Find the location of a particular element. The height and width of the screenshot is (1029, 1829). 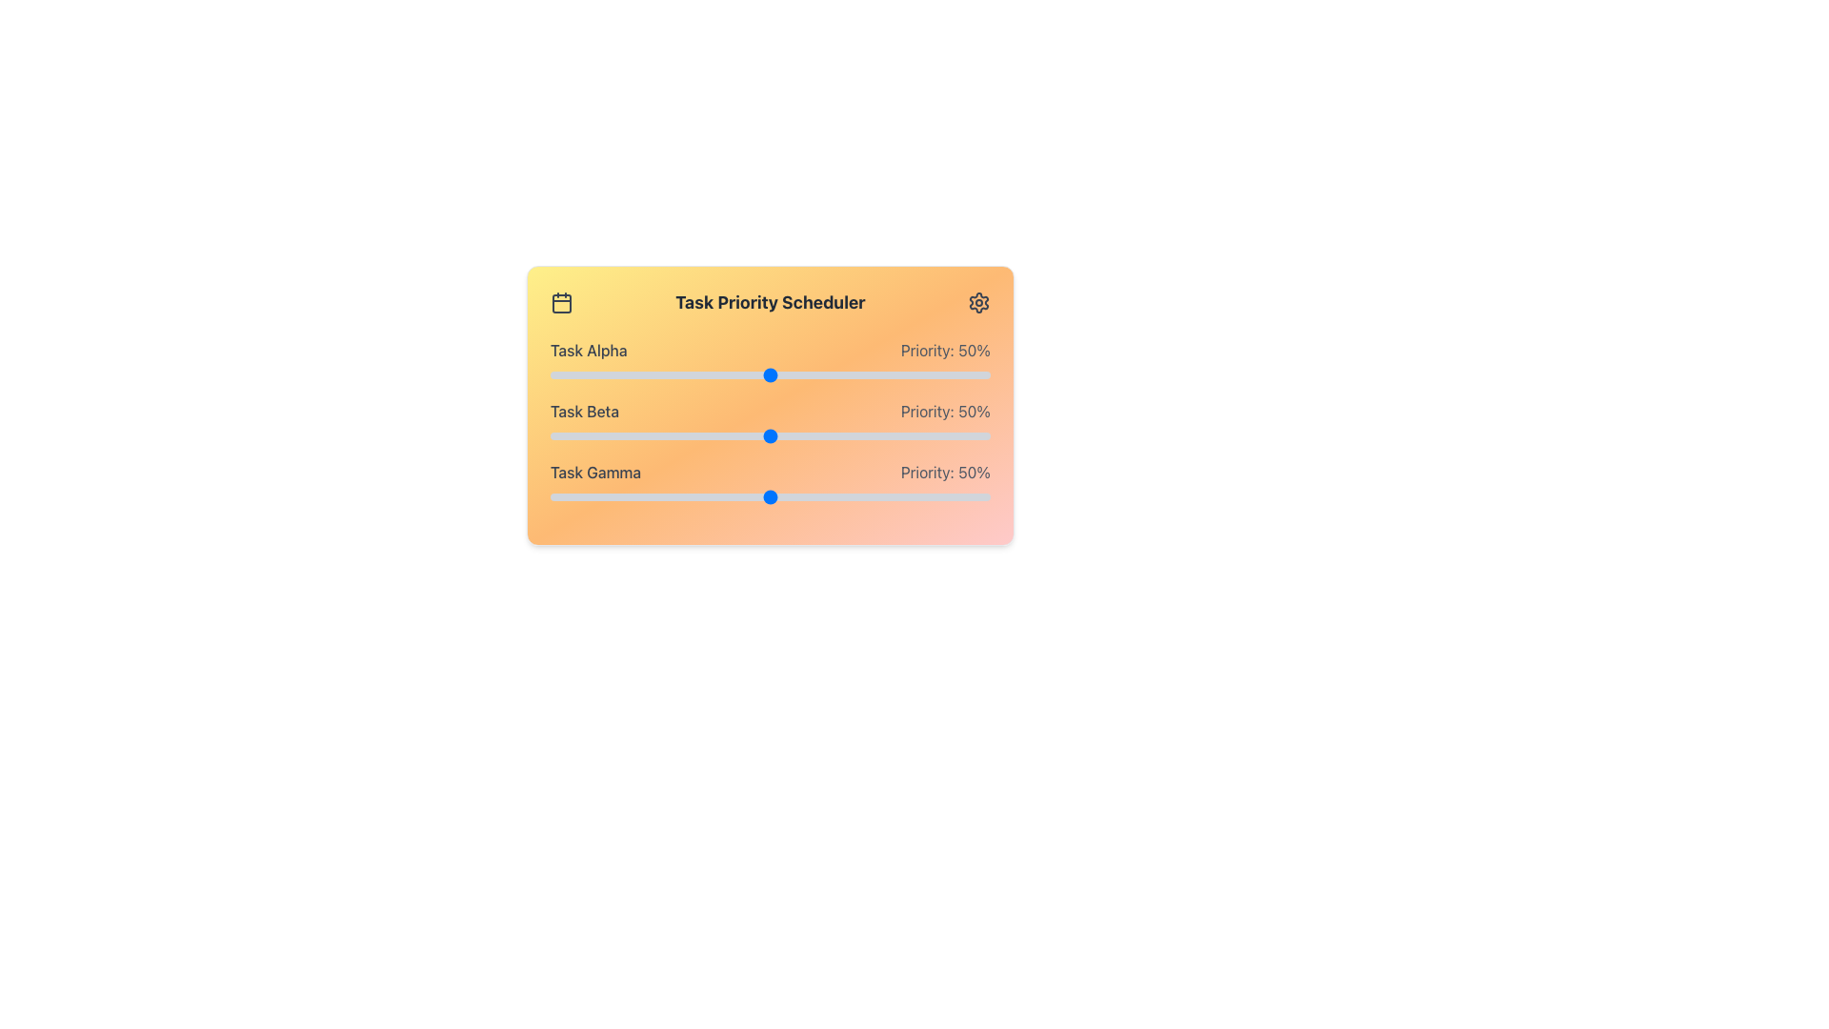

the priority of Task Beta is located at coordinates (951, 436).